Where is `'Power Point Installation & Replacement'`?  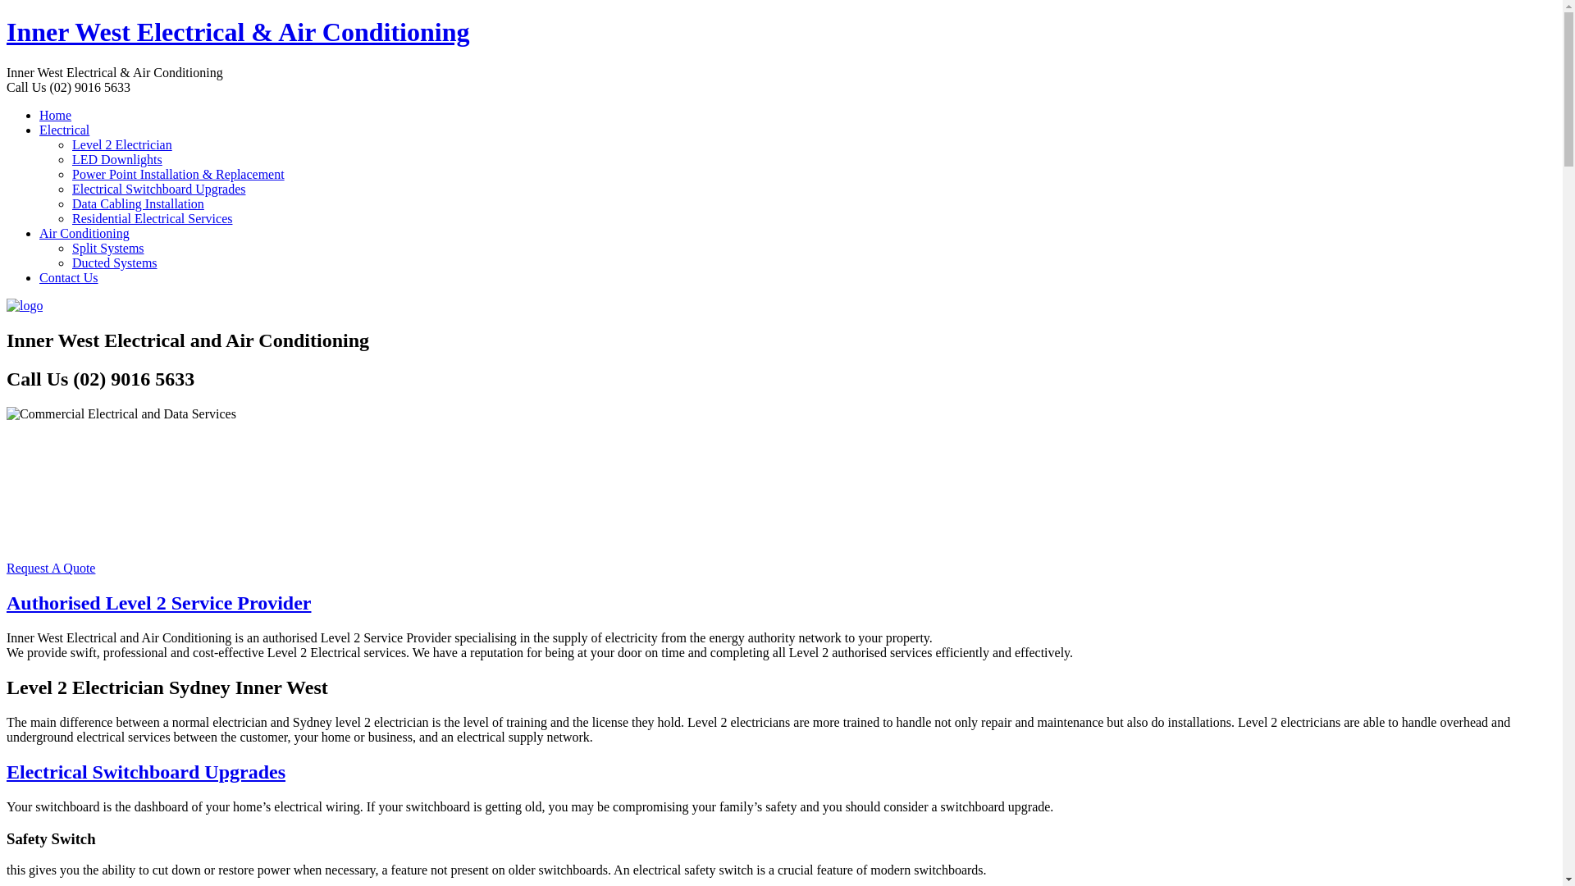
'Power Point Installation & Replacement' is located at coordinates (178, 174).